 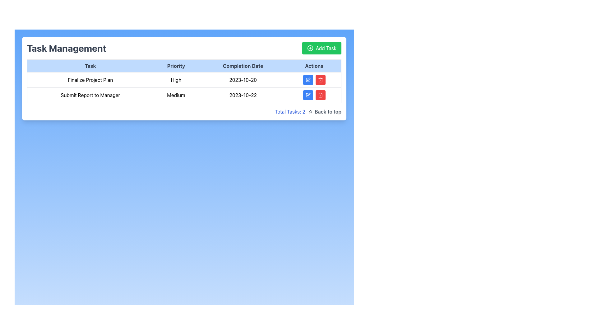 I want to click on the text label indicating the priority level of the task 'Finalize Project Plan' in the task management system, located in the second column of the first row within the 'Priority' column, so click(x=176, y=80).